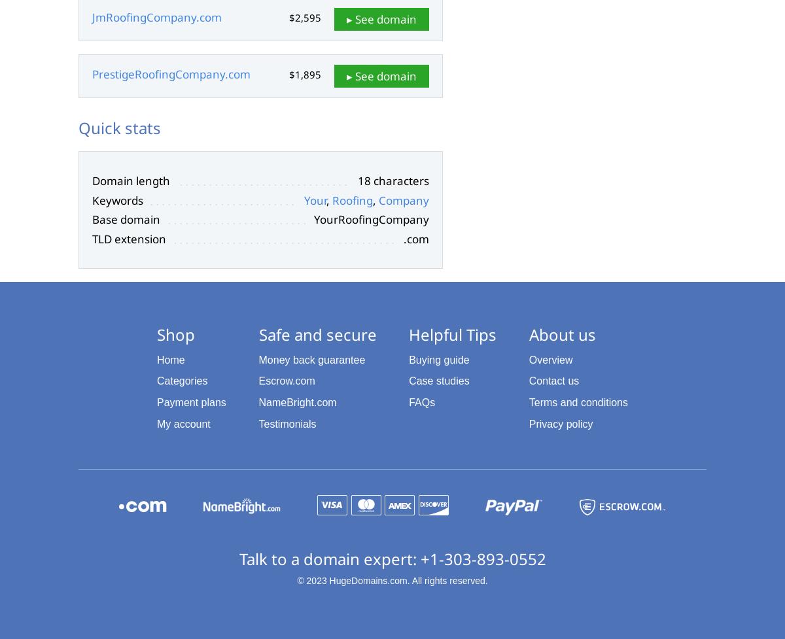  I want to click on 'Contact us', so click(553, 380).